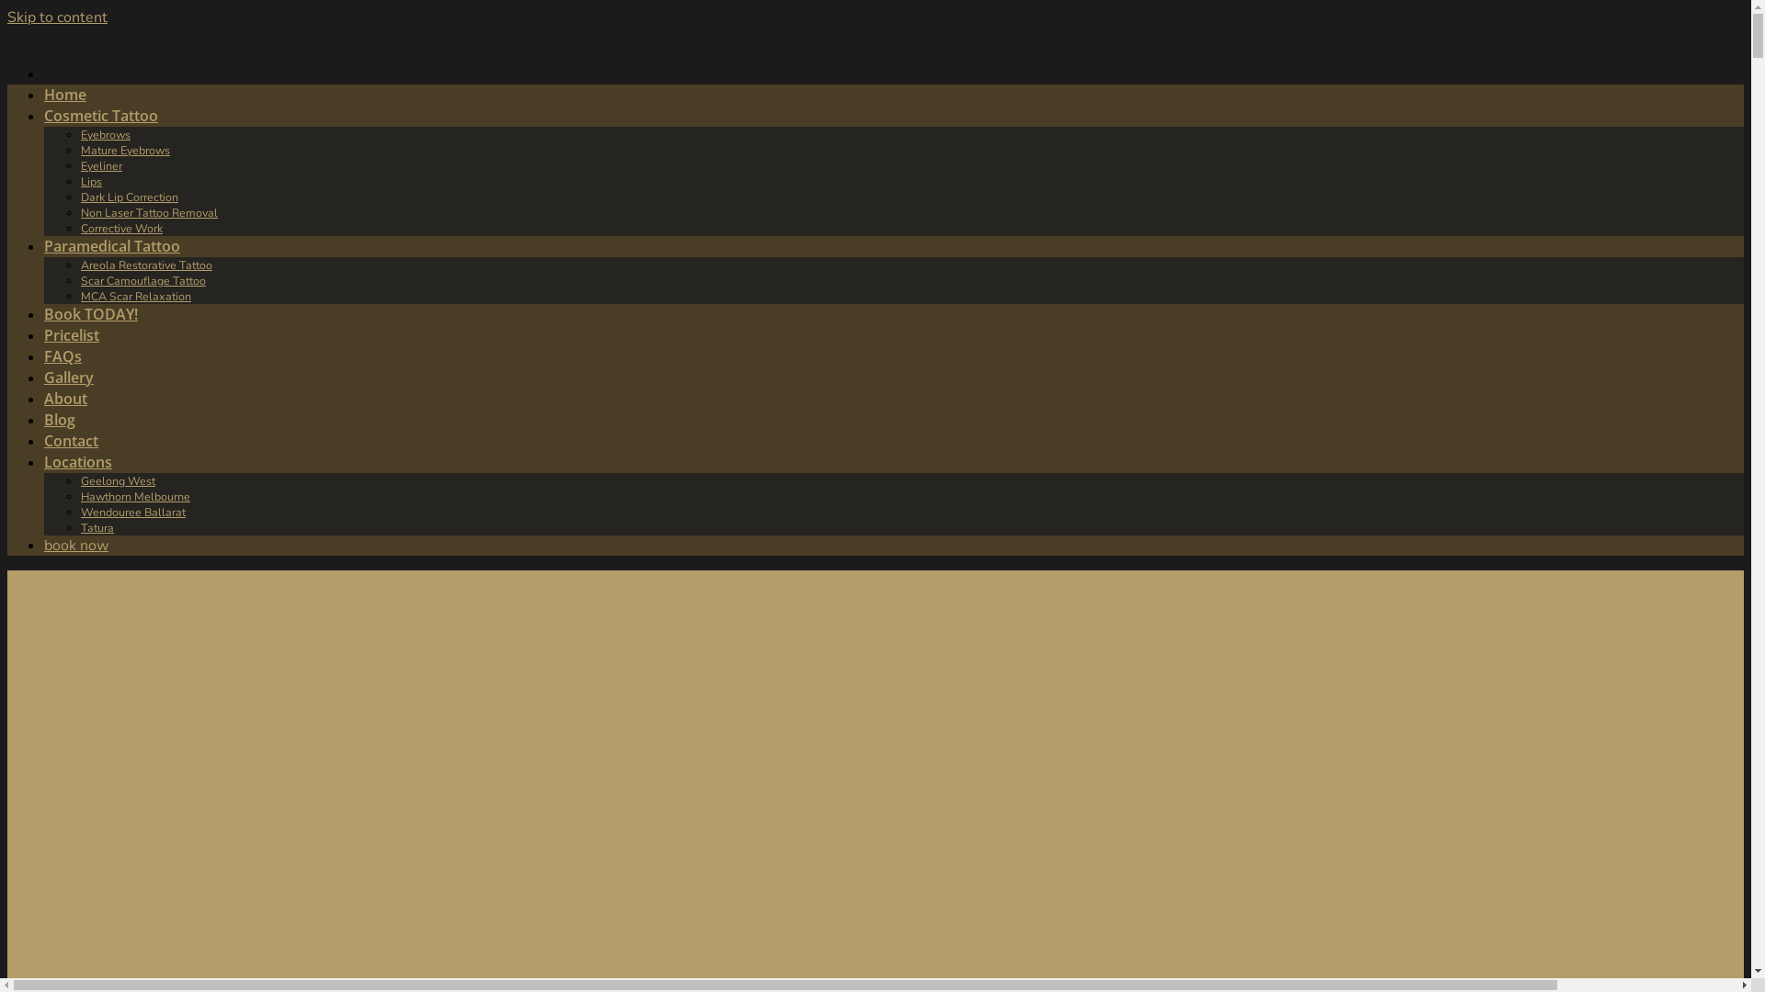 Image resolution: width=1765 pixels, height=992 pixels. What do you see at coordinates (90, 313) in the screenshot?
I see `'Book TODAY!'` at bounding box center [90, 313].